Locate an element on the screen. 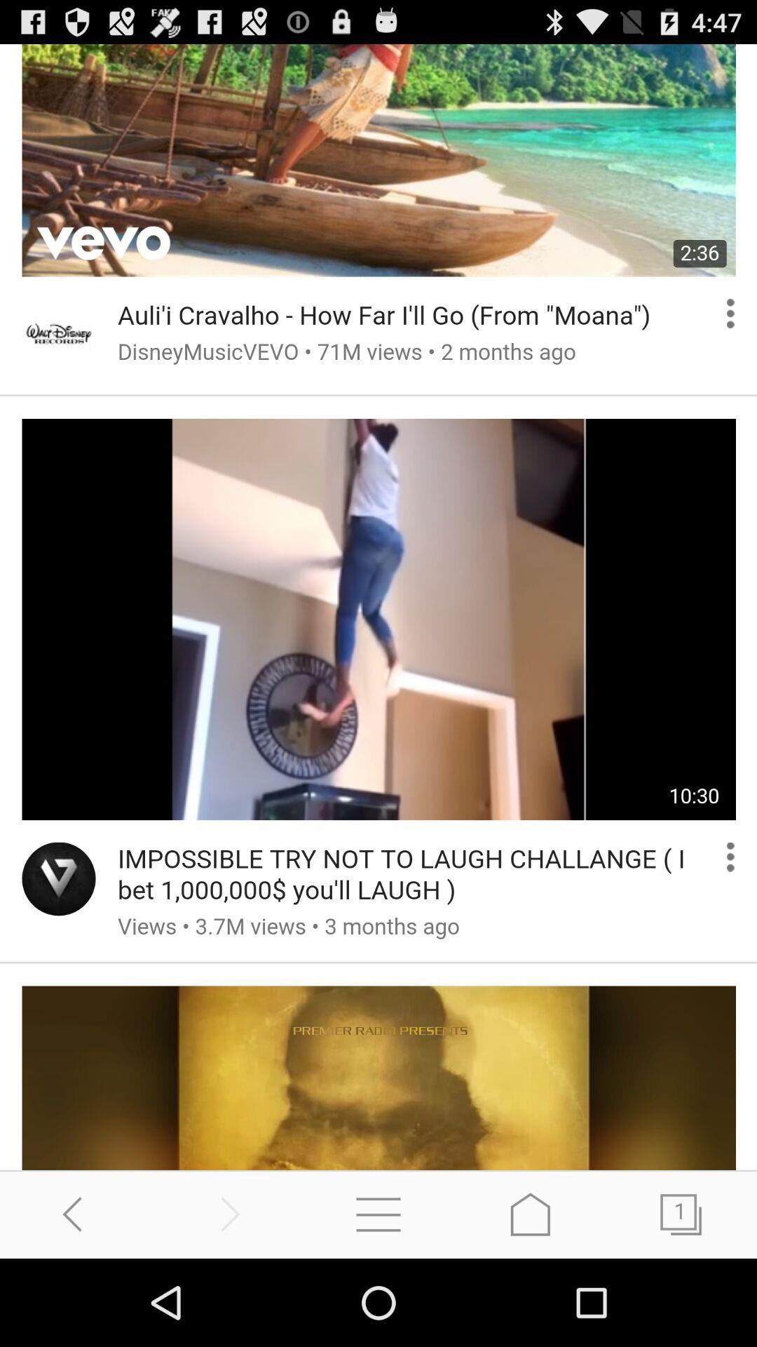 This screenshot has height=1347, width=757. undo is located at coordinates (76, 1214).